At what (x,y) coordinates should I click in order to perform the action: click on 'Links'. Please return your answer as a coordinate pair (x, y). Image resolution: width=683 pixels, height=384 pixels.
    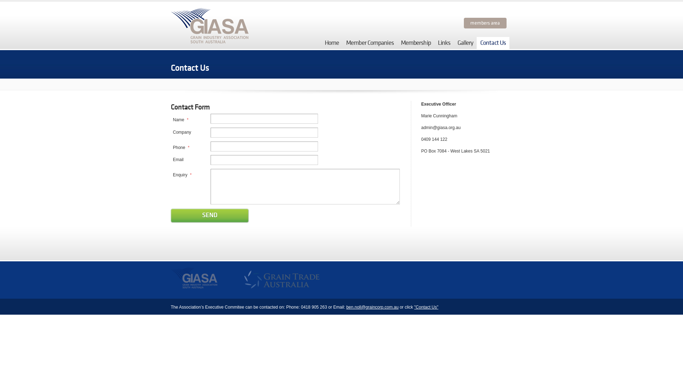
    Looking at the image, I should click on (444, 43).